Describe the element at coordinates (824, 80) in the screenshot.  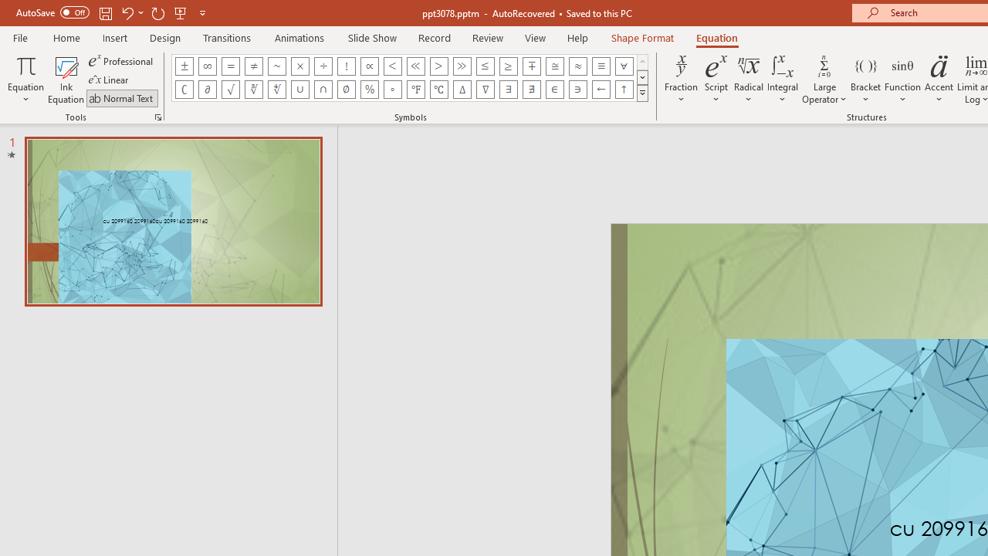
I see `'Large Operator'` at that location.